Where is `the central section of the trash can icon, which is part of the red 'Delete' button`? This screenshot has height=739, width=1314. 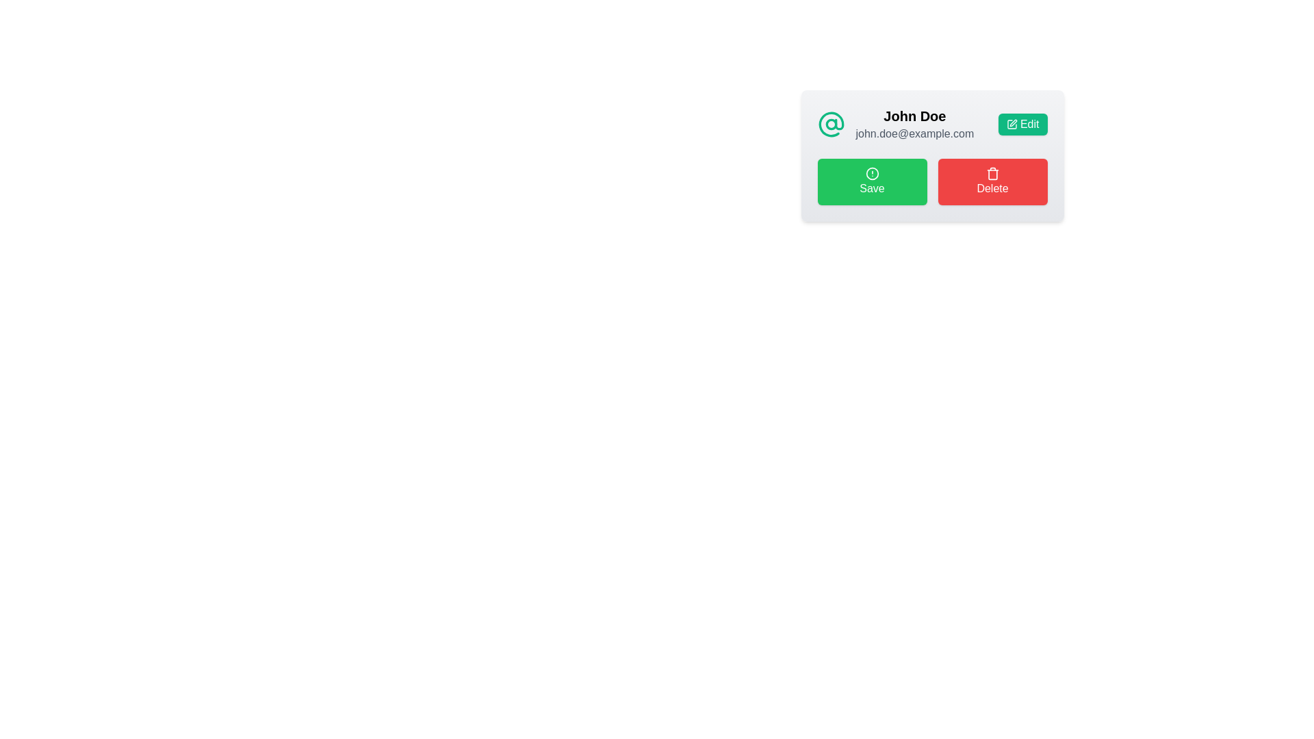 the central section of the trash can icon, which is part of the red 'Delete' button is located at coordinates (992, 174).